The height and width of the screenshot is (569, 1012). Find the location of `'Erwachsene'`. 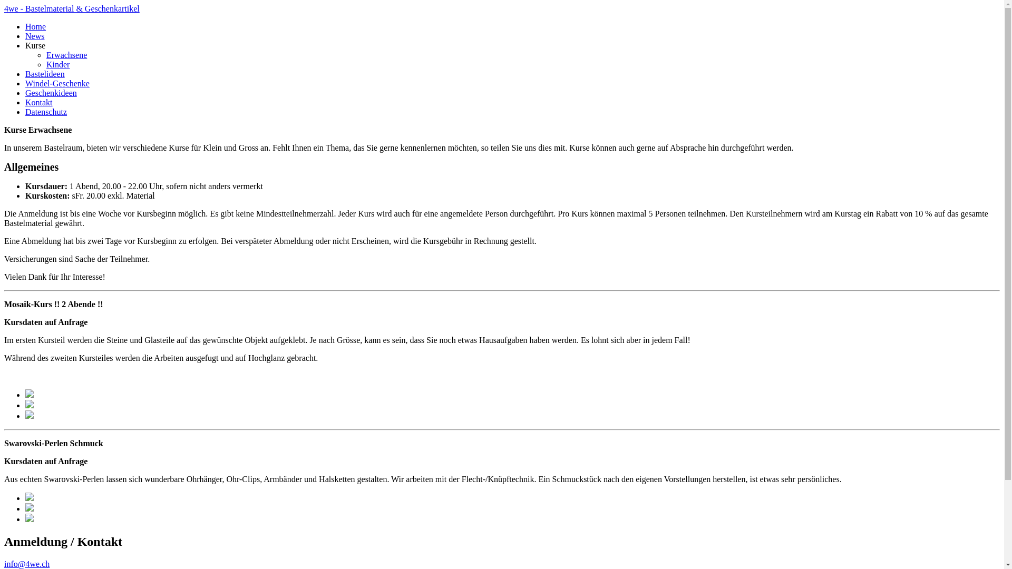

'Erwachsene' is located at coordinates (45, 55).